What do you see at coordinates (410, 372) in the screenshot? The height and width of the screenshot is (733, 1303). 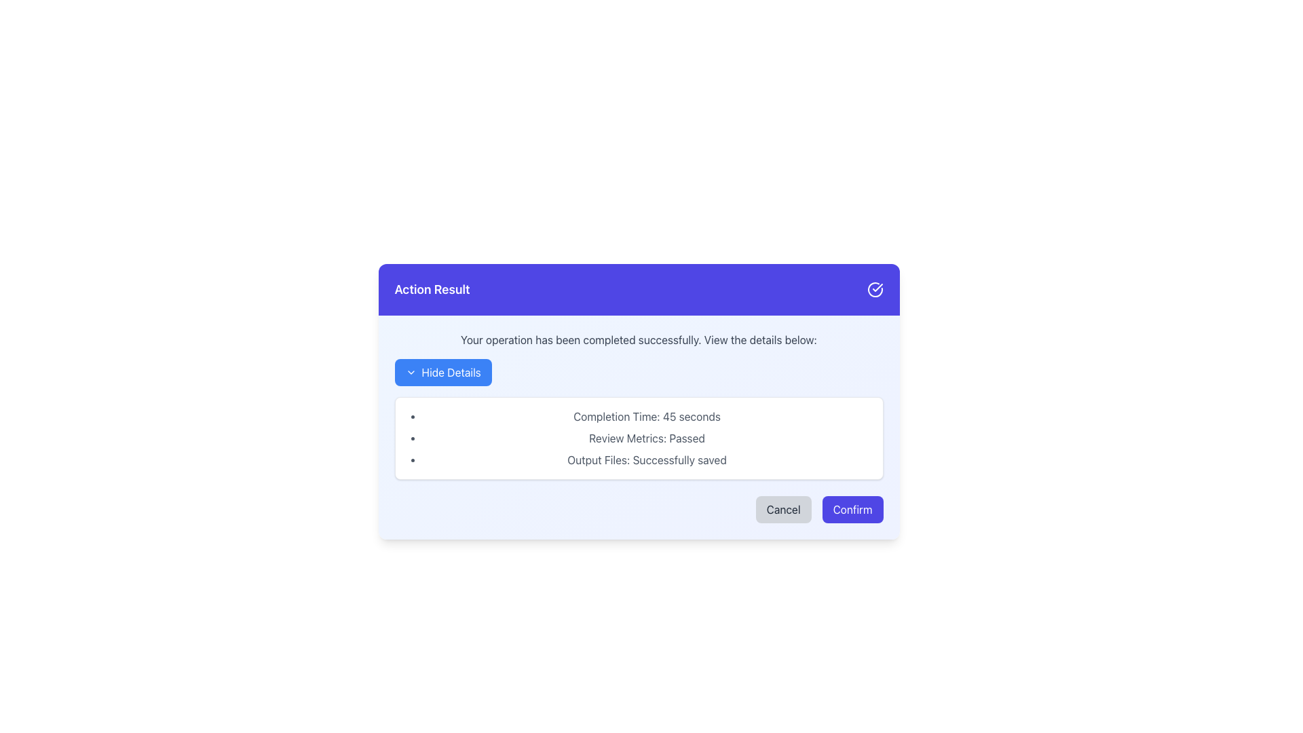 I see `the icon positioned to the left of the 'Hide Details' text within the blue rounded button, indicating a dropdown or collapsible section` at bounding box center [410, 372].